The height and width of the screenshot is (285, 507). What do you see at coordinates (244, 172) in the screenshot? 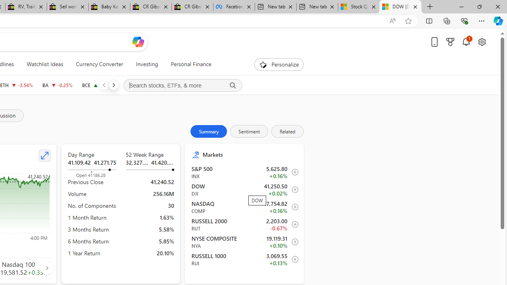
I see `'INX S&P 500 increase 5,625.80 +8.96 +0.16% itemundefined'` at bounding box center [244, 172].